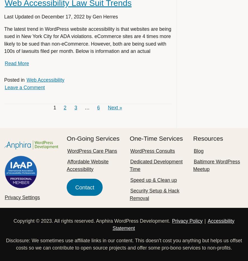 This screenshot has width=248, height=261. I want to click on 'Read More', so click(17, 63).